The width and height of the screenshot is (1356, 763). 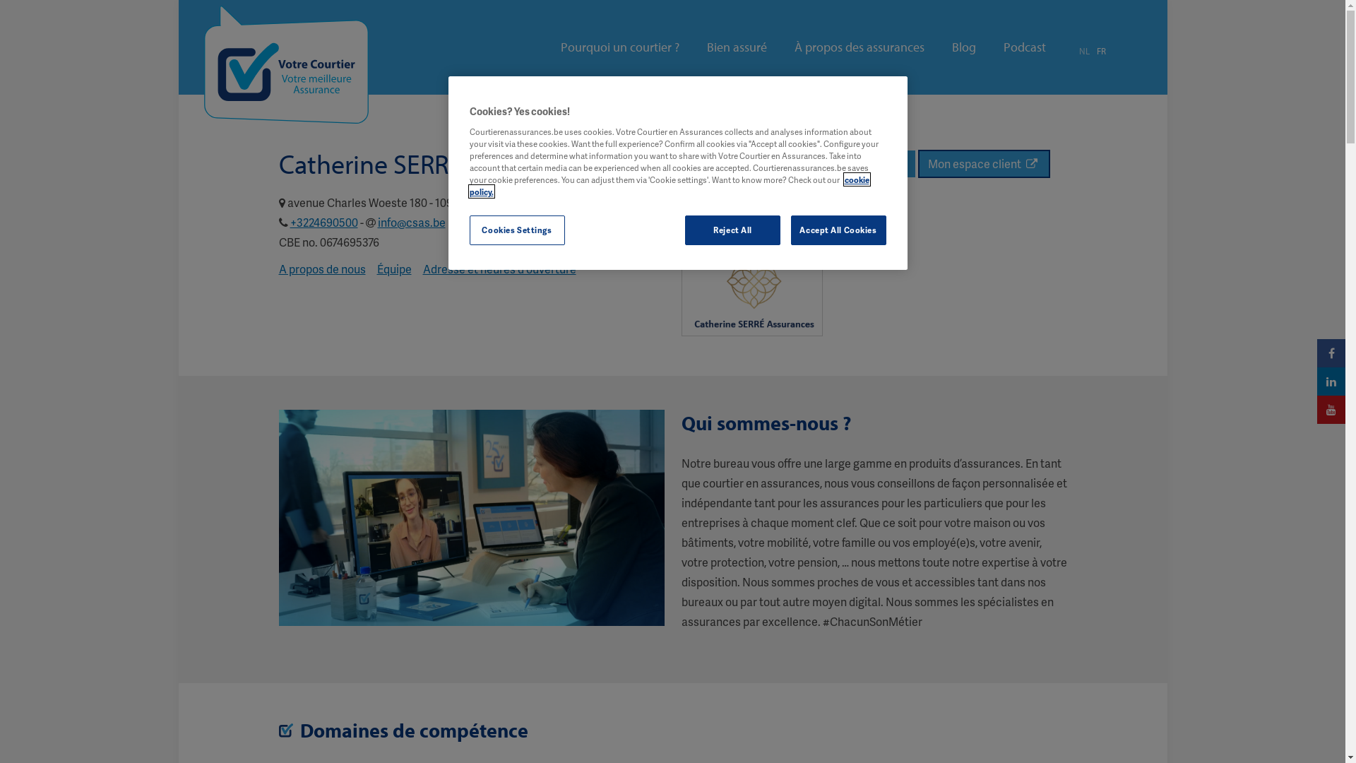 I want to click on 'Cookies Settings', so click(x=516, y=230).